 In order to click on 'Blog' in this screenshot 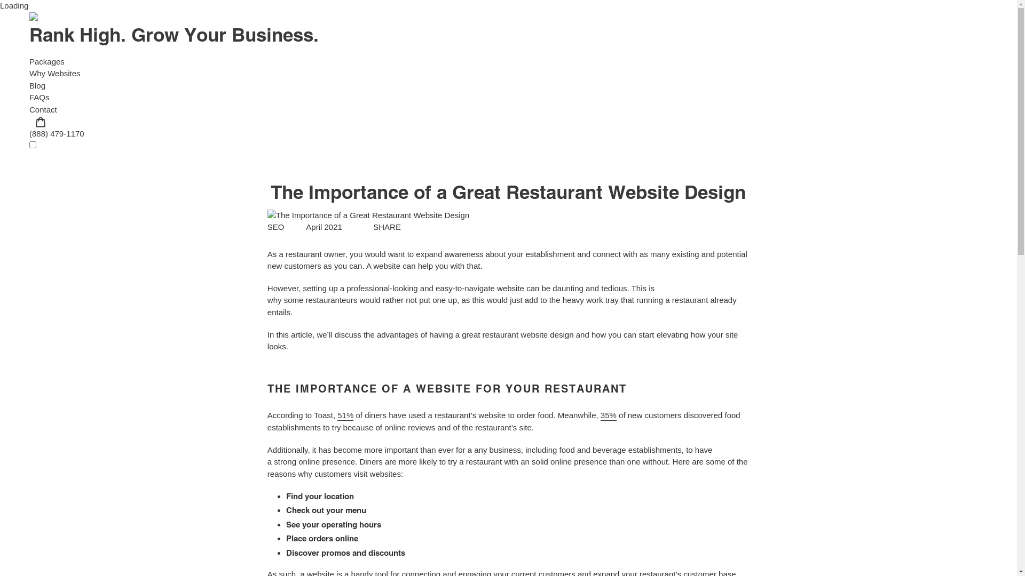, I will do `click(29, 85)`.